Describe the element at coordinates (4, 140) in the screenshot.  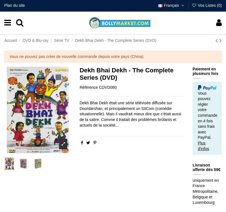
I see `'Pour recevoir toutes les actualités et les offres en avant-première.'` at that location.